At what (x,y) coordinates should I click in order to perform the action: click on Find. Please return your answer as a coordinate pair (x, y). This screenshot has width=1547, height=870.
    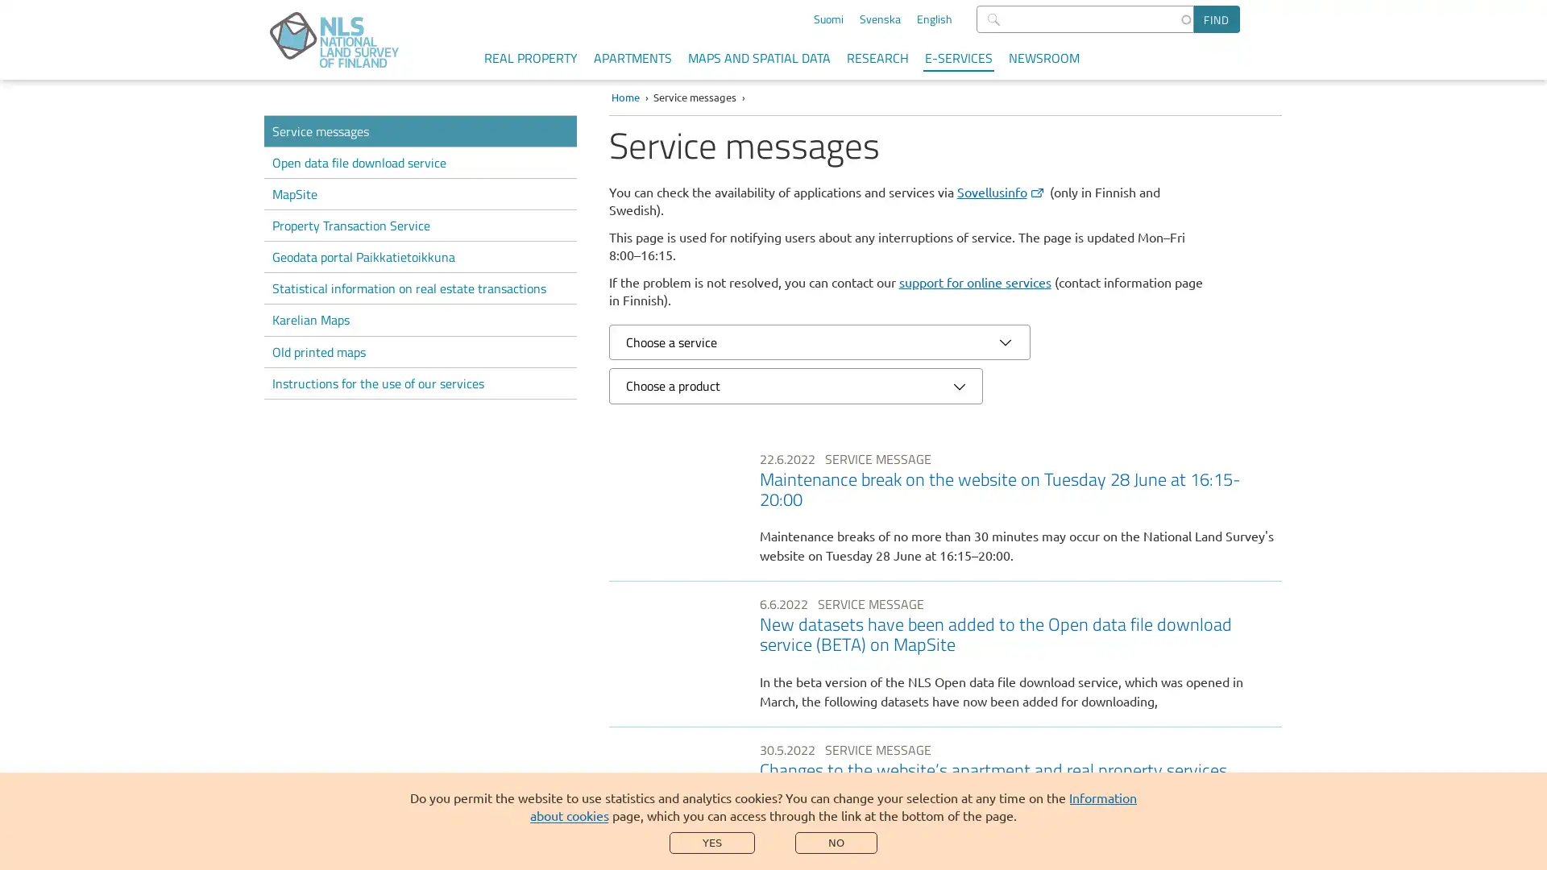
    Looking at the image, I should click on (1217, 19).